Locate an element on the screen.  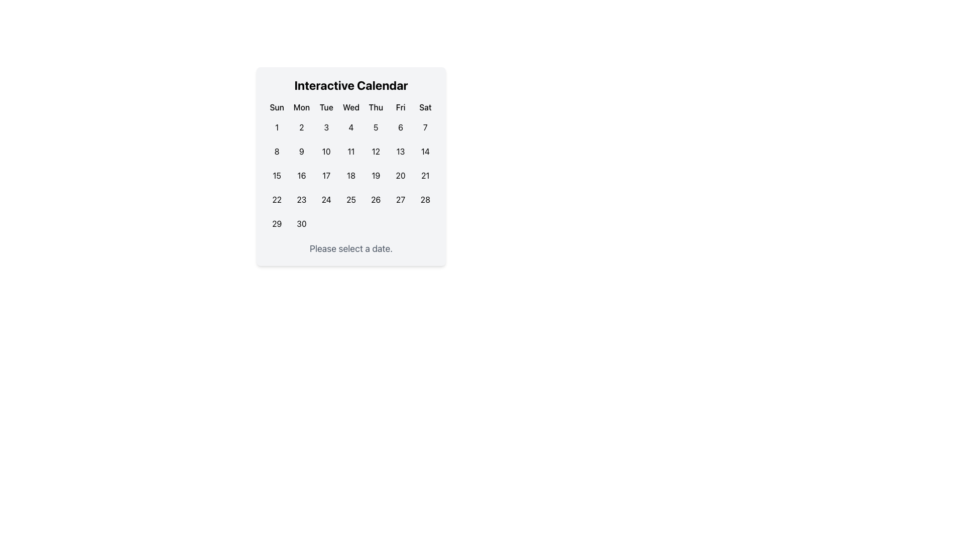
the square-shaped Selectable Date Button labeled '23' in the calendar is located at coordinates (301, 199).